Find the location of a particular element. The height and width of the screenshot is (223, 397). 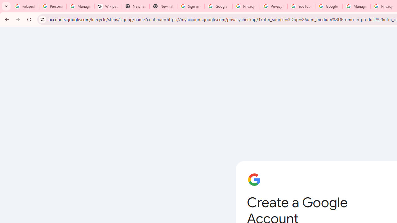

'Google Account Help' is located at coordinates (328, 6).